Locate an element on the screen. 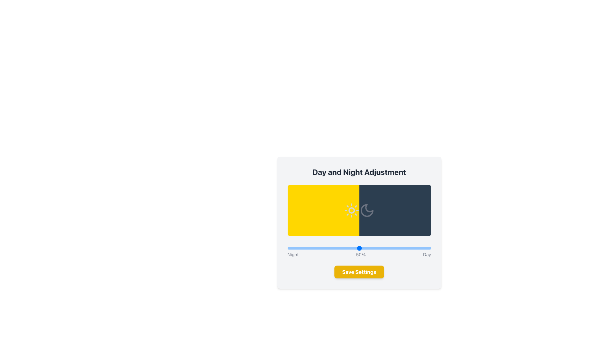  the text element displaying 'Day', styled in gray, located in the lower right area of the main card interface is located at coordinates (427, 254).